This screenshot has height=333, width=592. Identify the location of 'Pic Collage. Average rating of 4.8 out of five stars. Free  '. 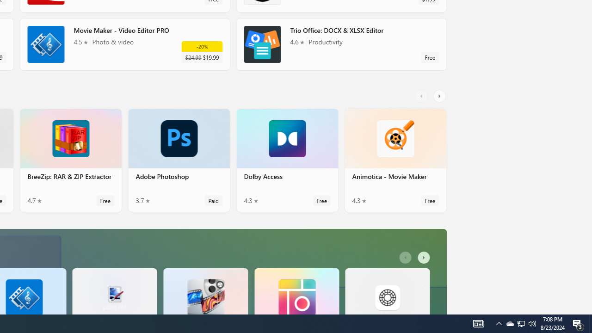
(296, 290).